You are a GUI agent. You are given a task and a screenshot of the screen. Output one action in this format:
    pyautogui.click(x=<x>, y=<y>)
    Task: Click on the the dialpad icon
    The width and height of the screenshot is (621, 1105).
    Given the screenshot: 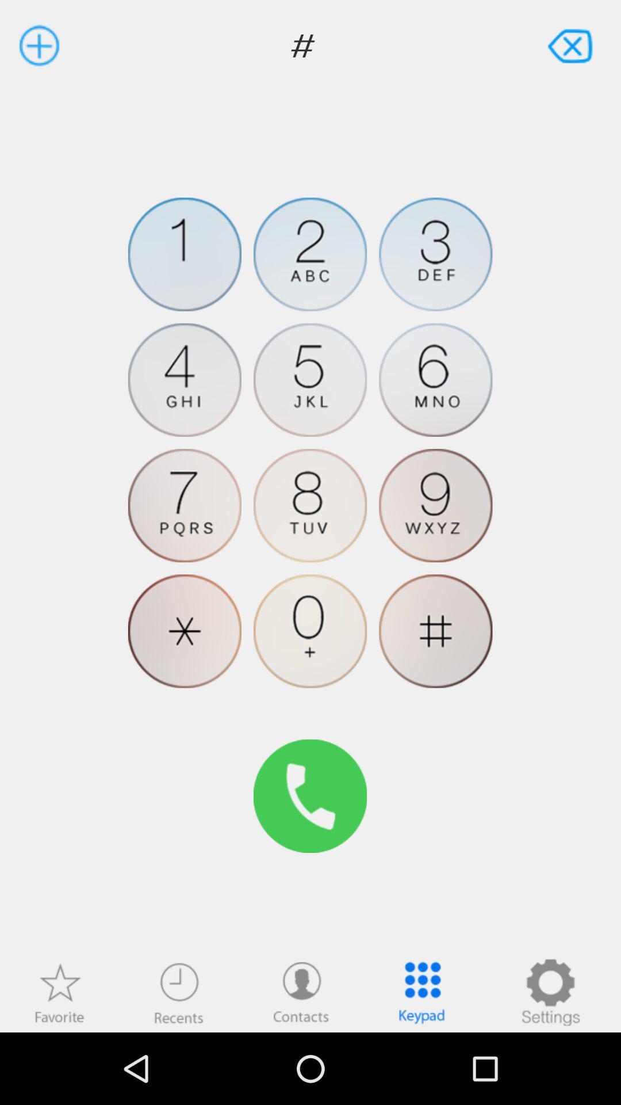 What is the action you would take?
    pyautogui.click(x=421, y=1061)
    